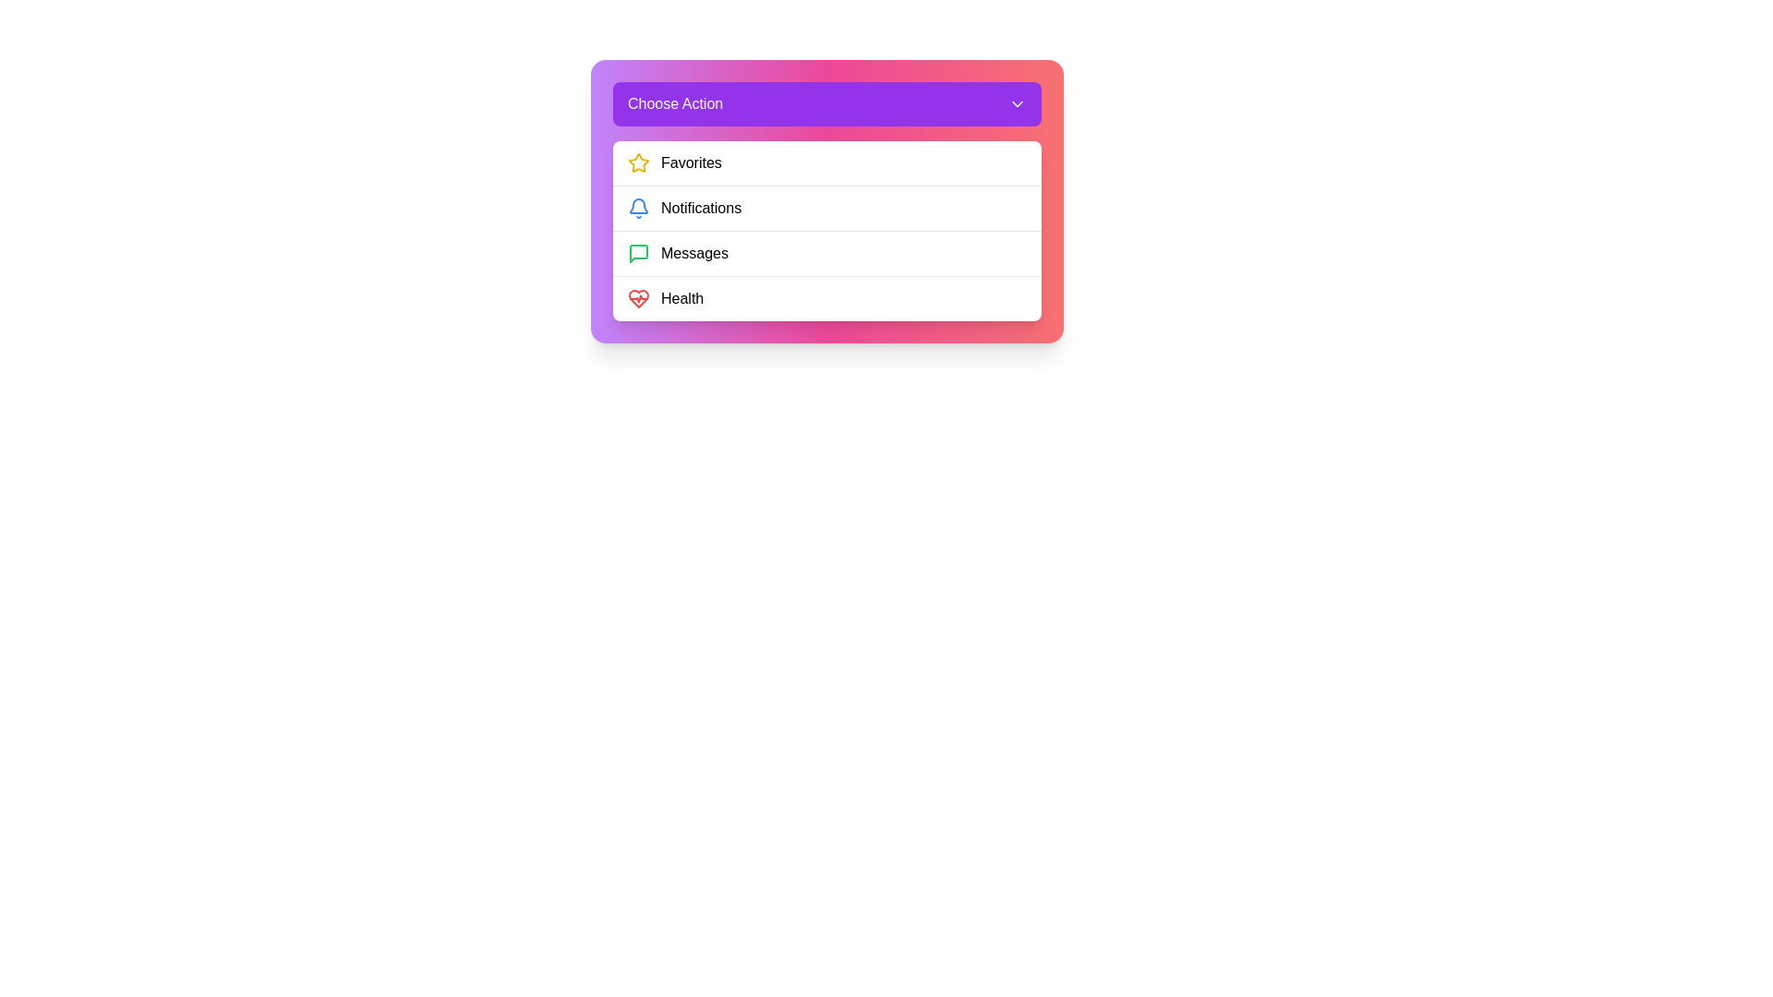  I want to click on the bell icon located to the left of the 'Notifications' text label in the 'Choose Action' dropdown menu, so click(638, 206).